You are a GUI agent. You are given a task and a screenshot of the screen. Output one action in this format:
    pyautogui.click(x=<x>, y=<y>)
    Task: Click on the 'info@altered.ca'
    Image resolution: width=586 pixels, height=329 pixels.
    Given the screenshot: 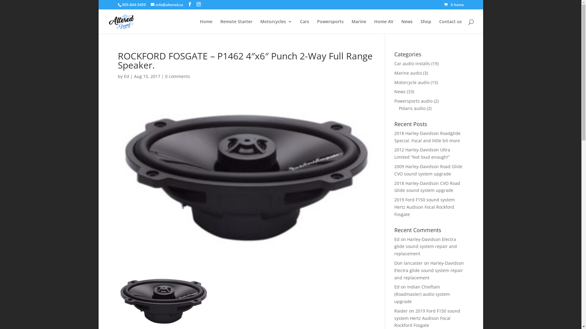 What is the action you would take?
    pyautogui.click(x=167, y=5)
    